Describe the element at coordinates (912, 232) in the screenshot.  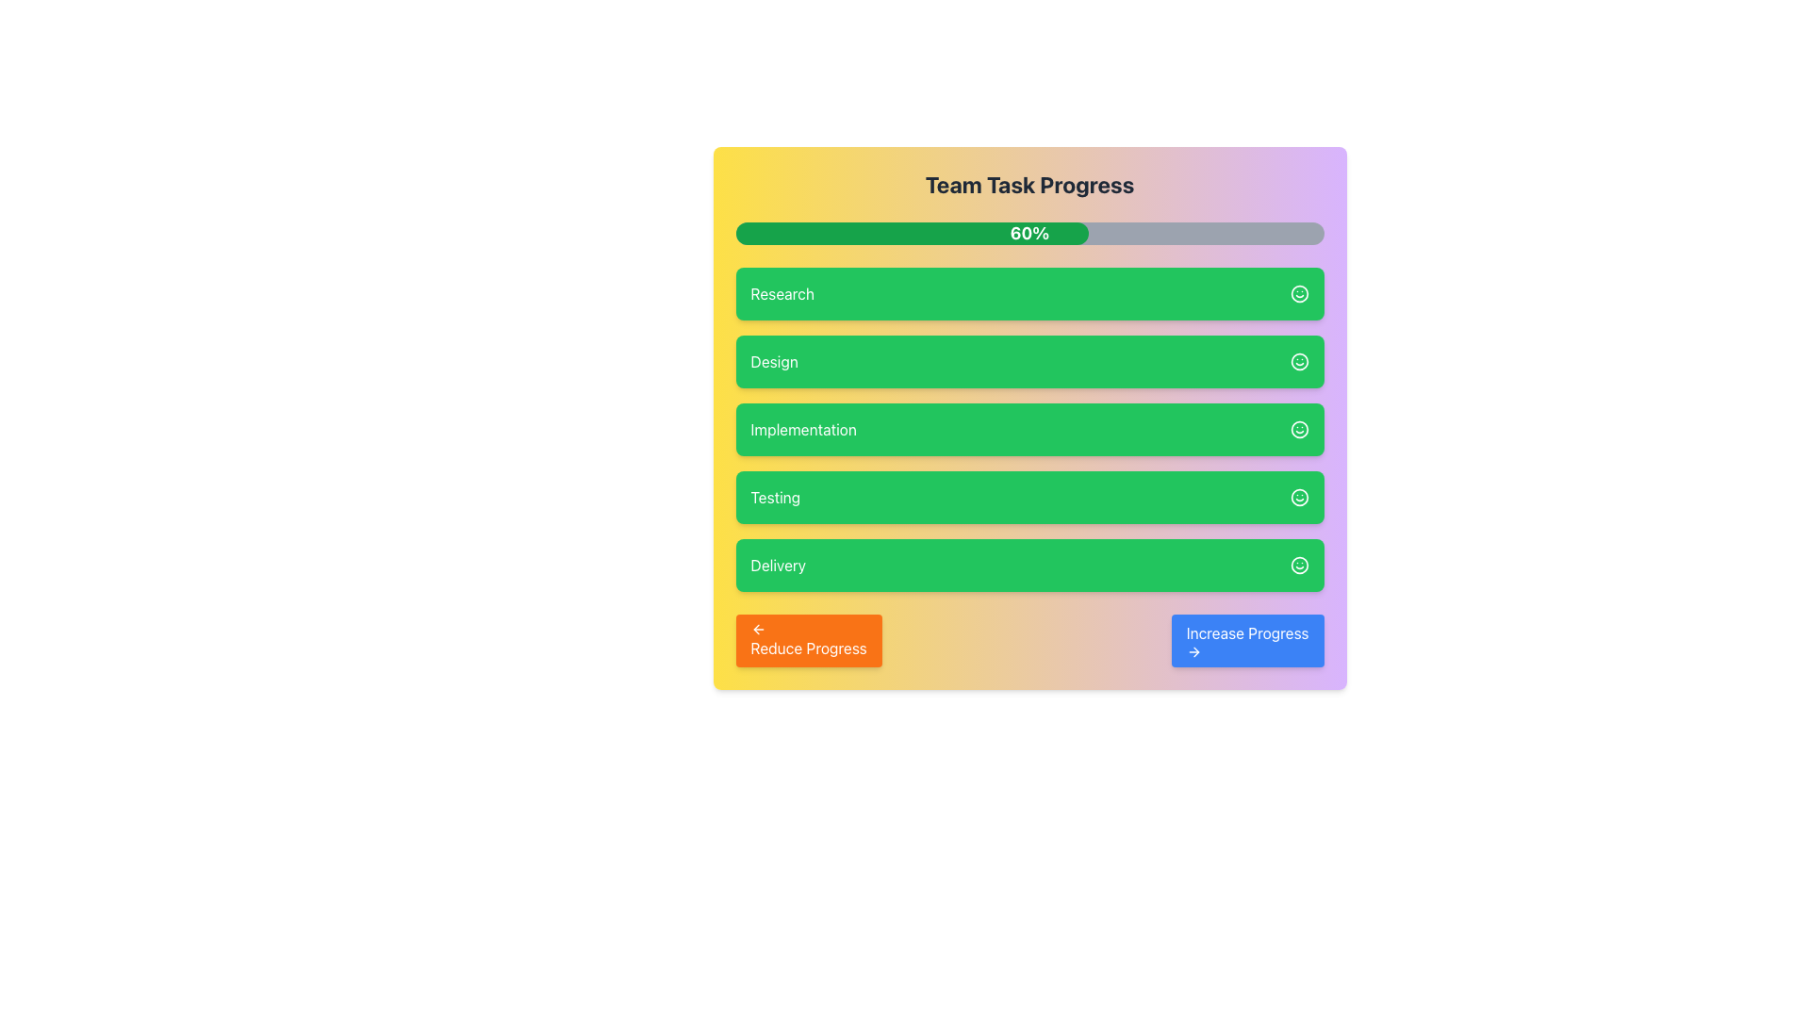
I see `the progress bar segment that visually represents 60% of the task completion, located beneath the 'Team Task Progress' title` at that location.